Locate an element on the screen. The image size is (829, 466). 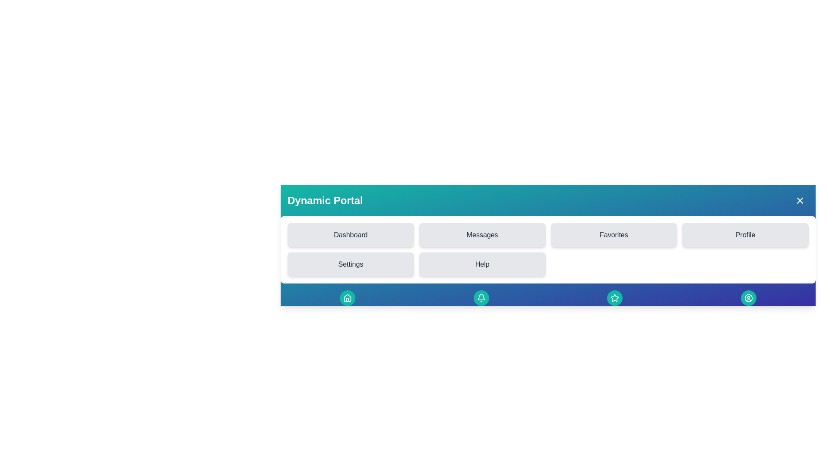
the menu item labeled Settings to navigate to the corresponding section is located at coordinates (350, 264).